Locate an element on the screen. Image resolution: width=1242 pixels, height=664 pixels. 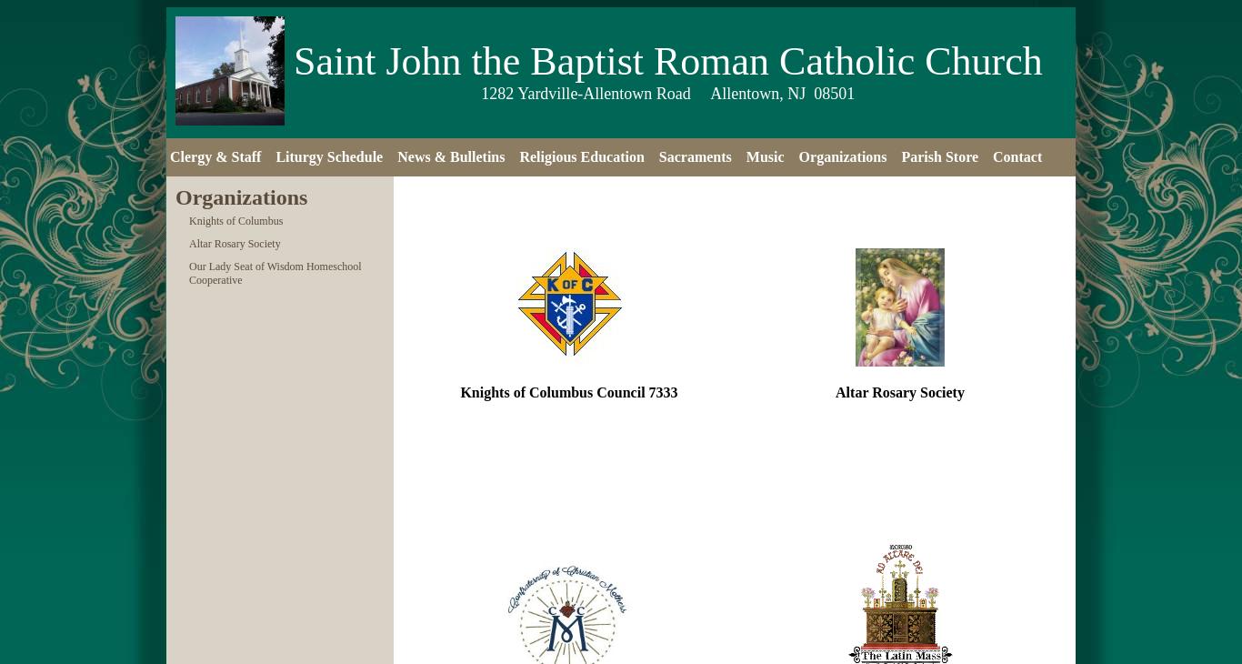
'Knights of Columbus Council 7333' is located at coordinates (567, 391).